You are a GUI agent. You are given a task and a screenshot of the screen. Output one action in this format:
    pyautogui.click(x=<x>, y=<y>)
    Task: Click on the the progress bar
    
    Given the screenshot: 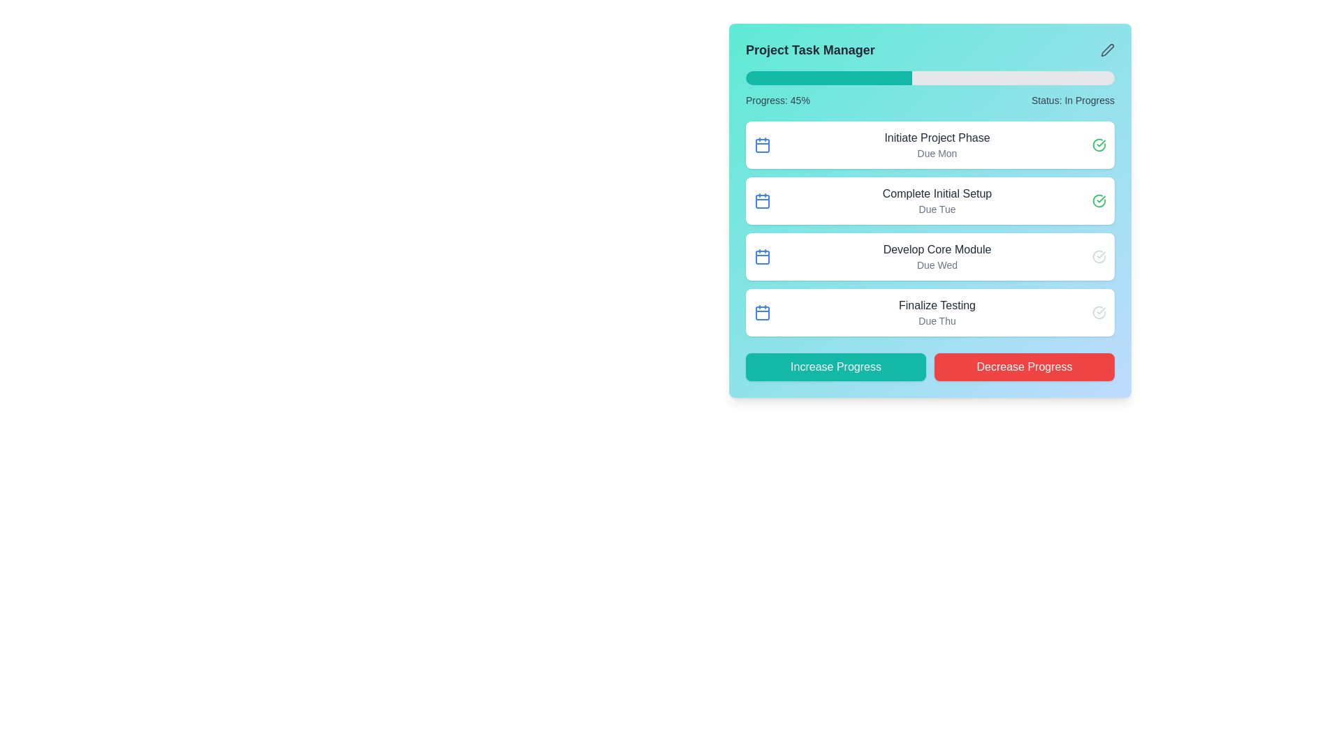 What is the action you would take?
    pyautogui.click(x=796, y=77)
    